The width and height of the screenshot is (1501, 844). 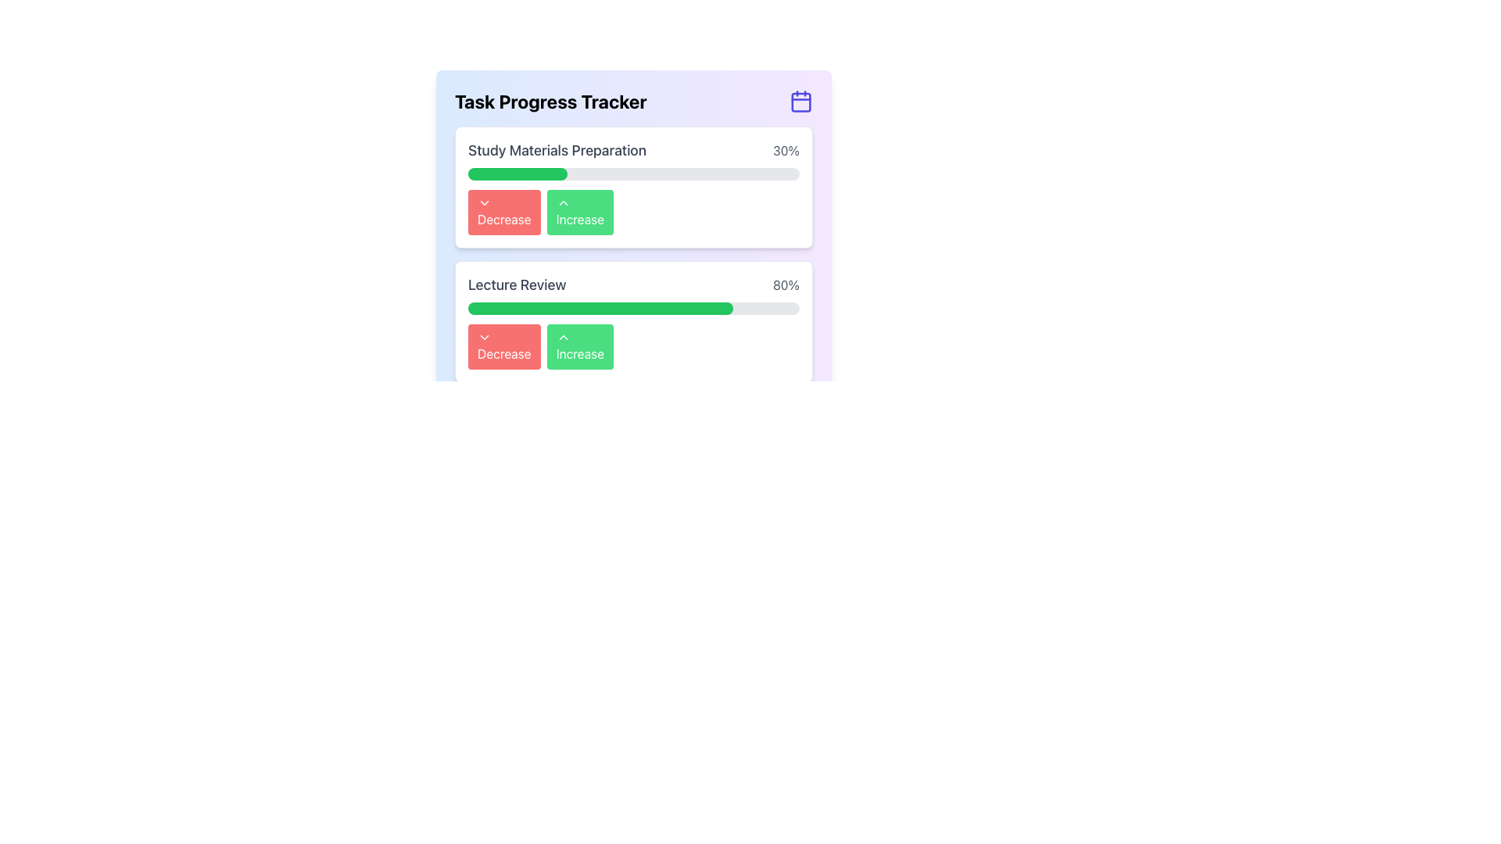 What do you see at coordinates (634, 150) in the screenshot?
I see `the 'Study Materials Preparation' text label, which displays '30%' aligned to the right, located in the upper section of the task tracking card` at bounding box center [634, 150].